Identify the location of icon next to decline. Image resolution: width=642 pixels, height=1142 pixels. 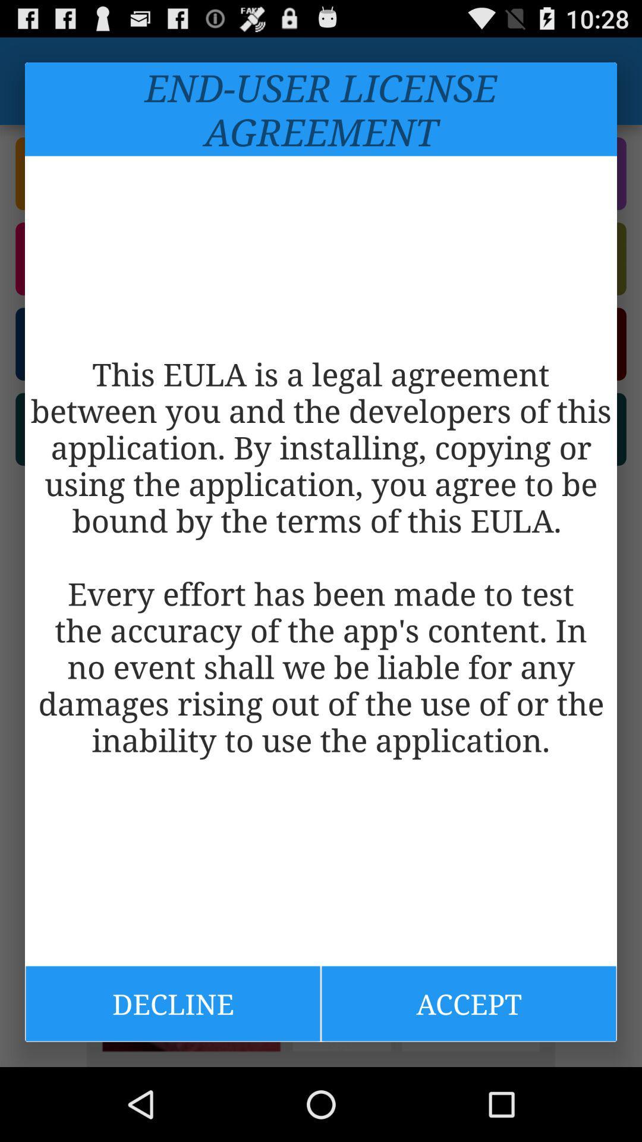
(468, 1003).